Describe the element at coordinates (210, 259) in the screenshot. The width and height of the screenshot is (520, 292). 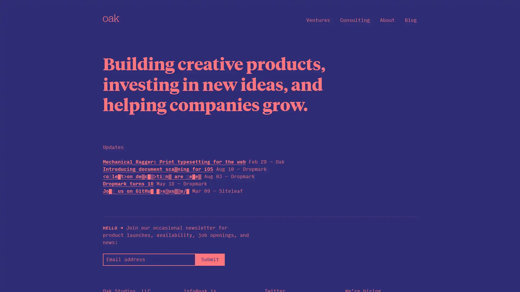
I see `Submit` at that location.